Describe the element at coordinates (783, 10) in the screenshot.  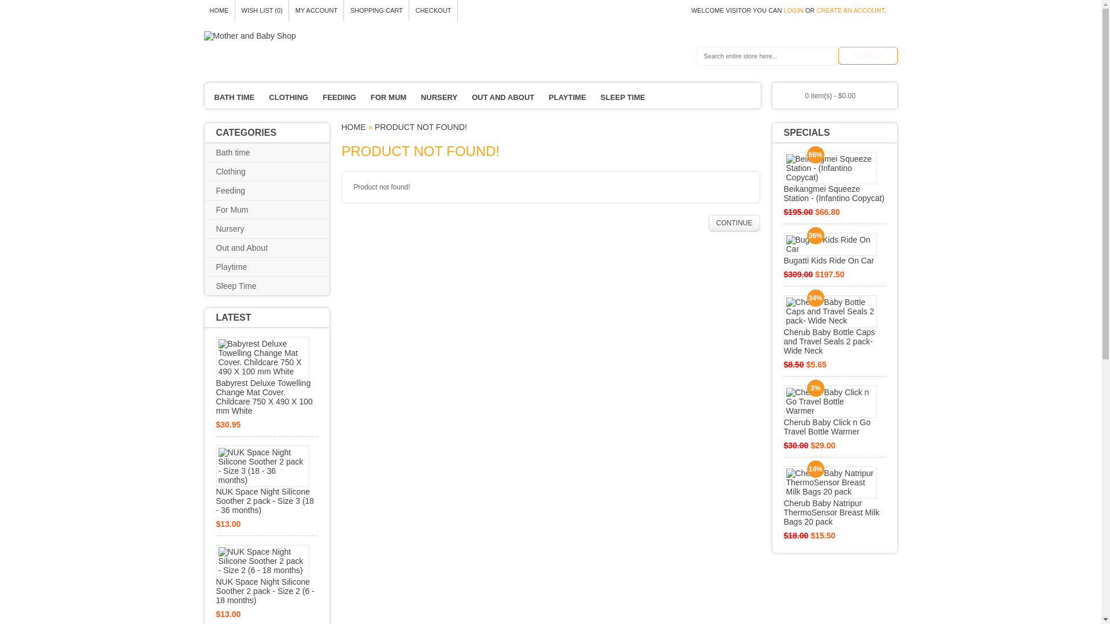
I see `'LOGIN'` at that location.